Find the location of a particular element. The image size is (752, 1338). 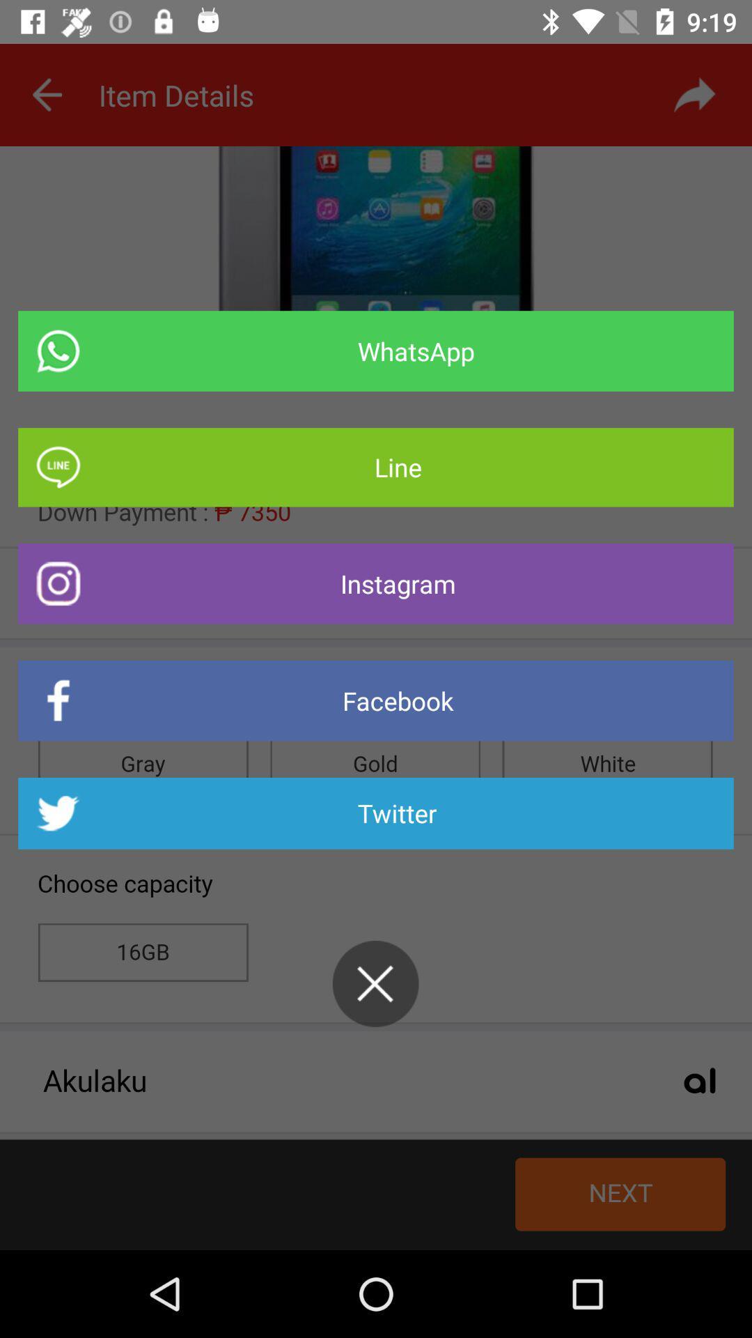

the item below instagram item is located at coordinates (376, 700).